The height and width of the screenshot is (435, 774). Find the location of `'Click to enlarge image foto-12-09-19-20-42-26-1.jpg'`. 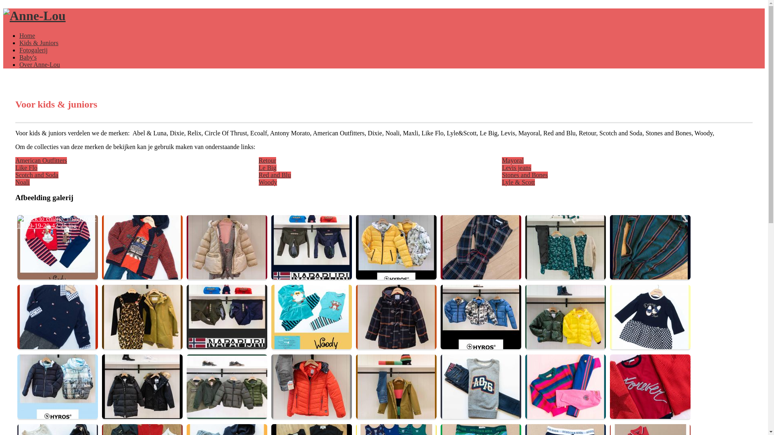

'Click to enlarge image foto-12-09-19-20-42-26-1.jpg' is located at coordinates (102, 246).